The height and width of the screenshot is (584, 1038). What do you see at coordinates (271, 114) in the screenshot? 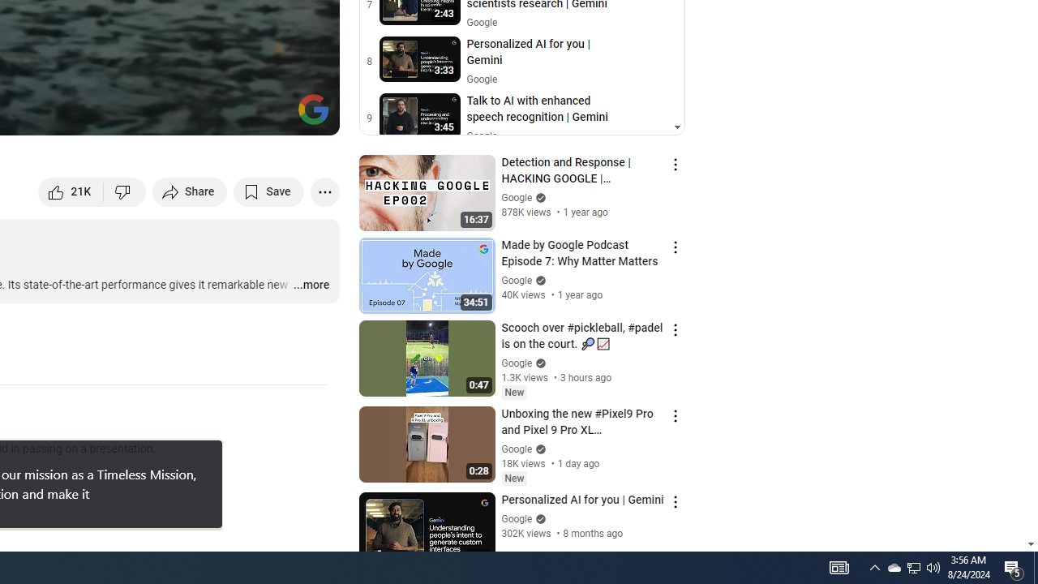
I see `'Theater mode (t)'` at bounding box center [271, 114].